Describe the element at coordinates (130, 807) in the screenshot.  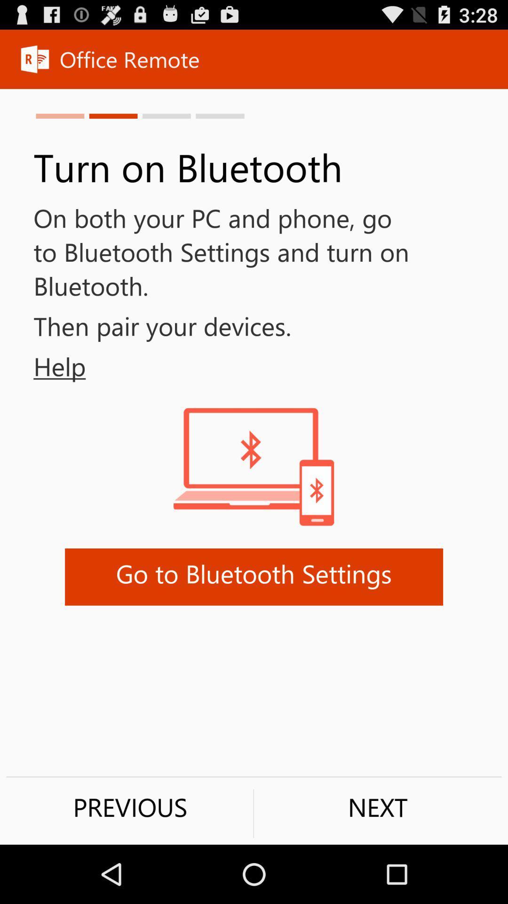
I see `the icon next to the next item` at that location.